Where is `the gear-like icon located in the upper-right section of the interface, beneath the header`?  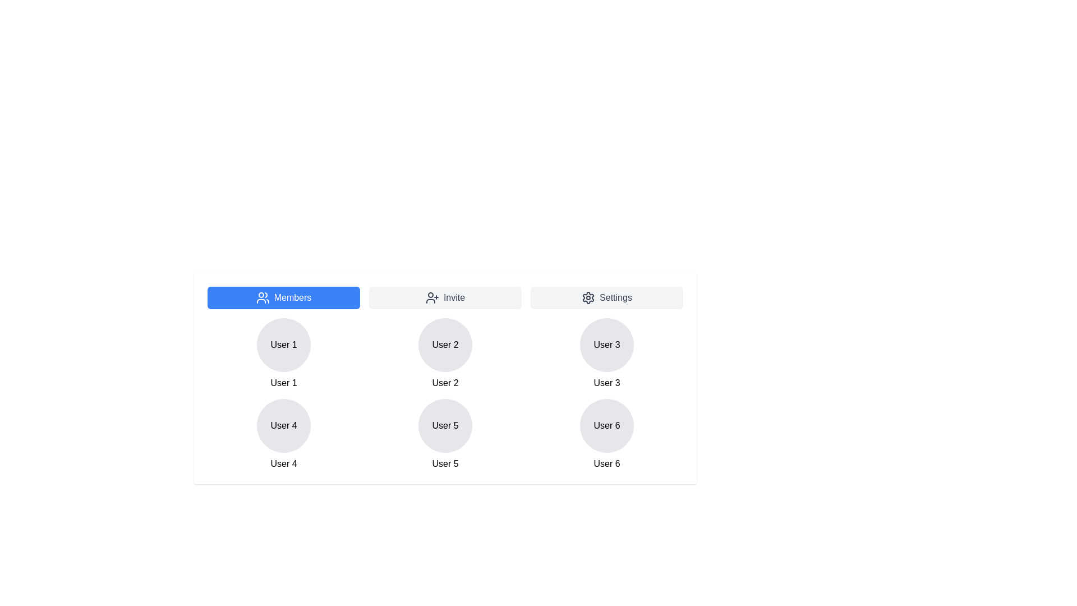
the gear-like icon located in the upper-right section of the interface, beneath the header is located at coordinates (588, 297).